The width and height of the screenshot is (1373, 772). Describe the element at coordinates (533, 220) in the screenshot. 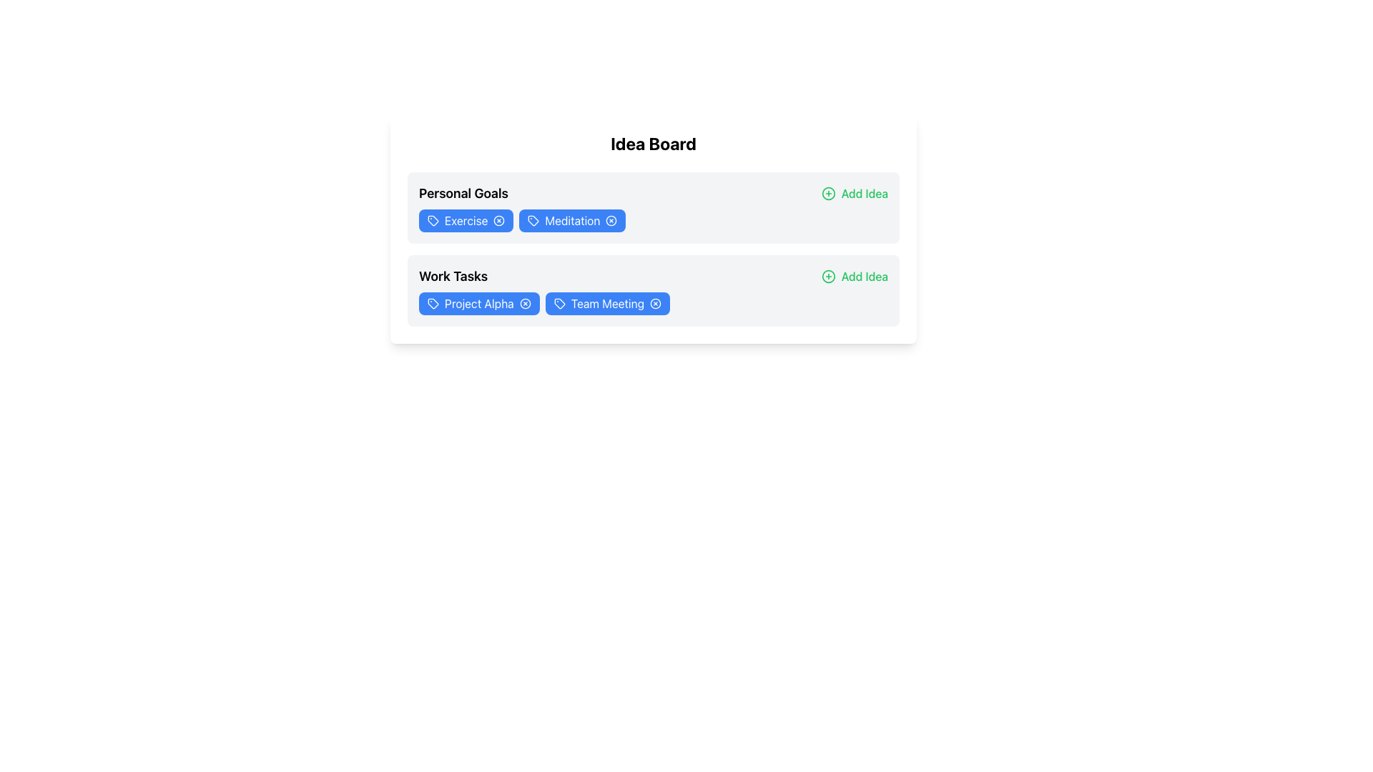

I see `the decorative icon representing 'Meditation', which is positioned second in the 'Personal Goals' section on the left side of the label` at that location.